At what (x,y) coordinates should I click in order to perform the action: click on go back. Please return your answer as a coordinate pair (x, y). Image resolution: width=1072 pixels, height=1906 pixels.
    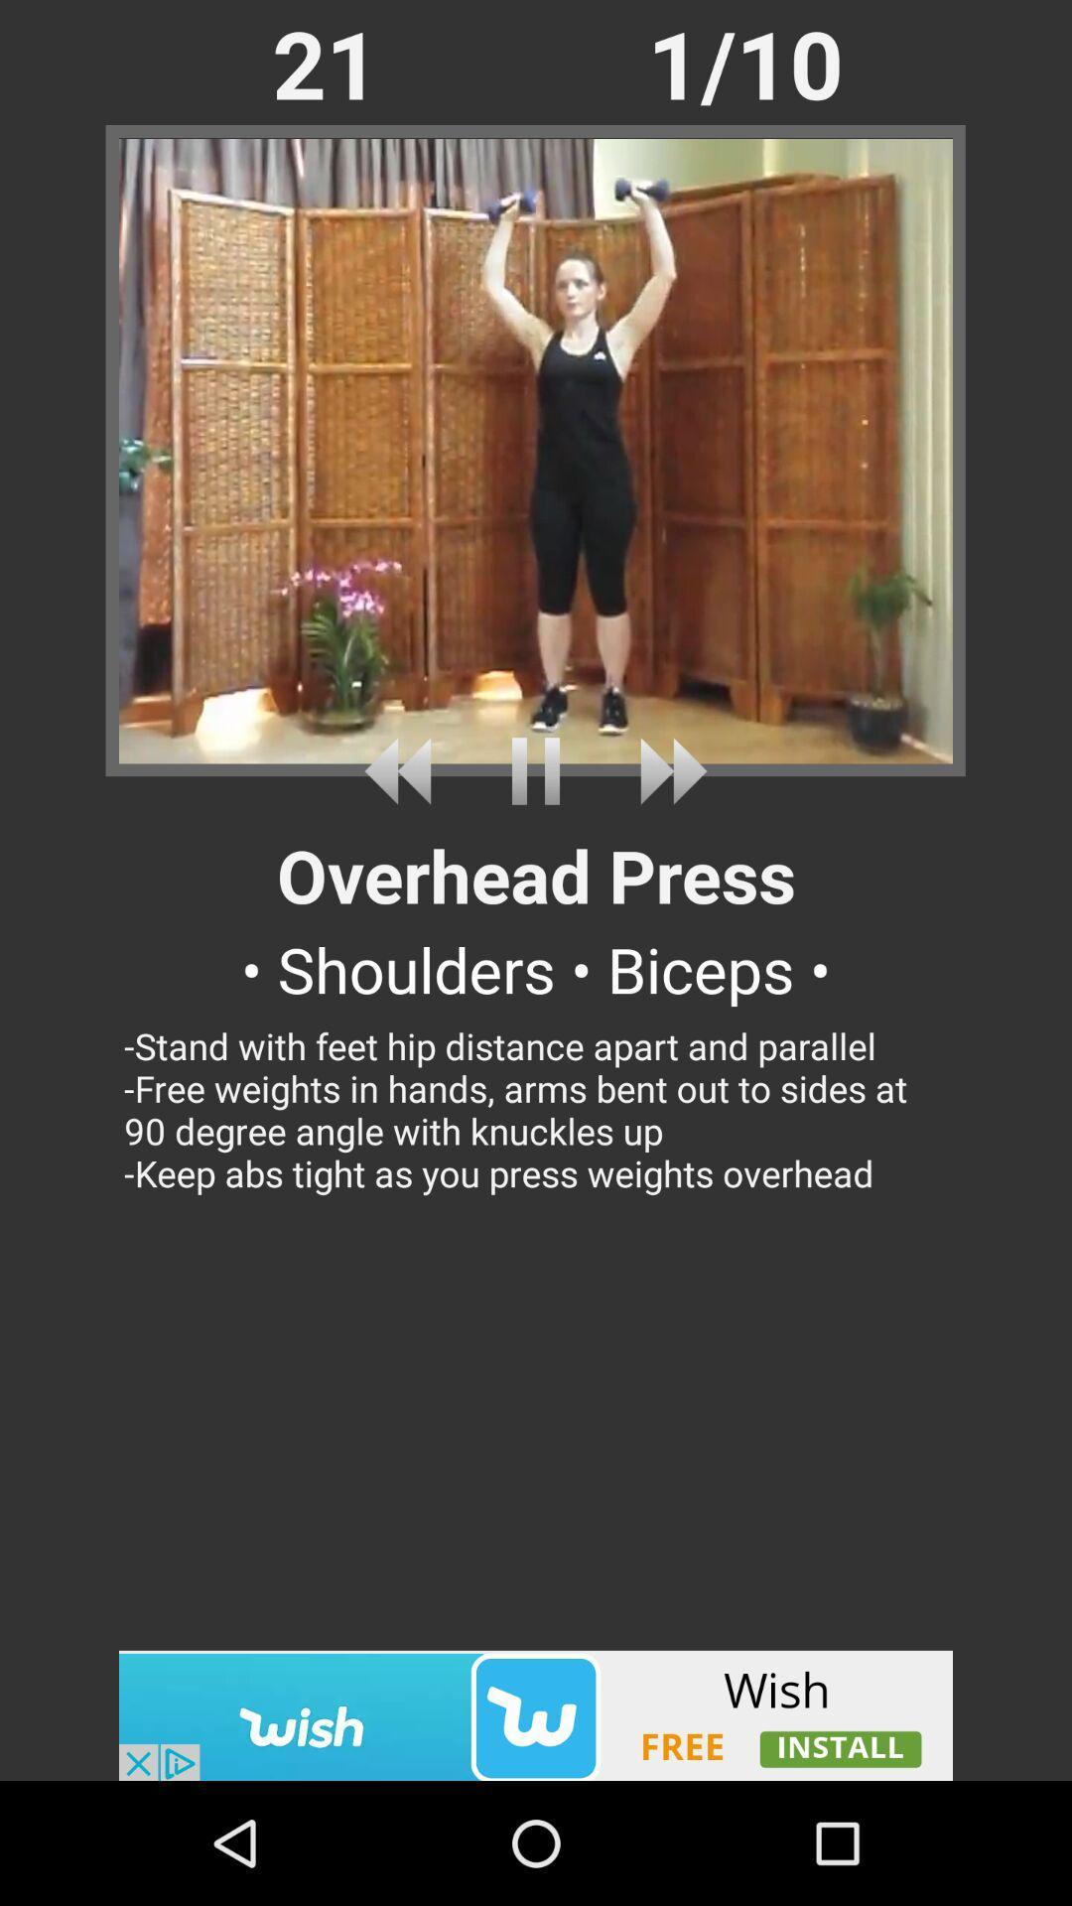
    Looking at the image, I should click on (404, 770).